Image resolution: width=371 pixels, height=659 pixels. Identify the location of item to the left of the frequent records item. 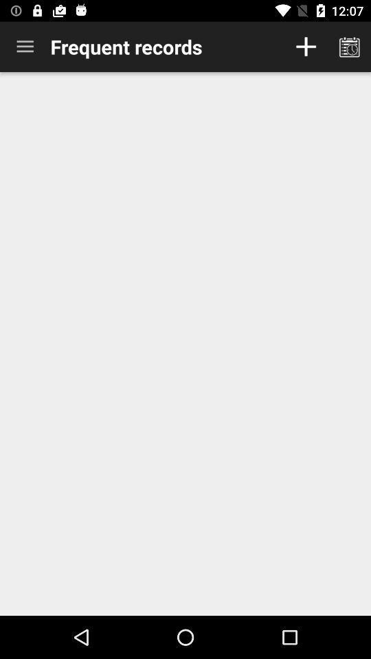
(25, 47).